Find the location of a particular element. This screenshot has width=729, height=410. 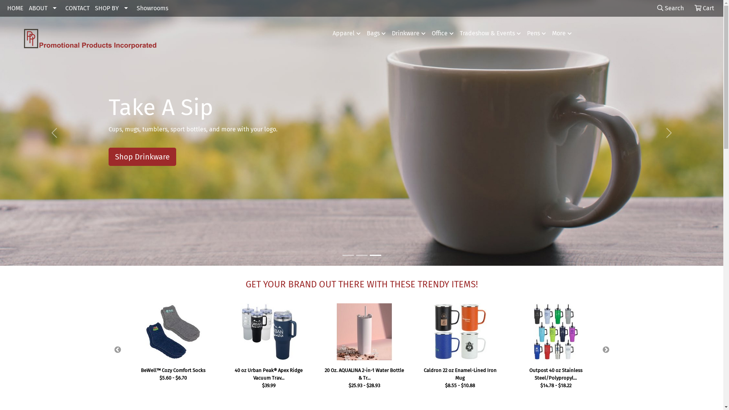

'Previous' is located at coordinates (54, 132).